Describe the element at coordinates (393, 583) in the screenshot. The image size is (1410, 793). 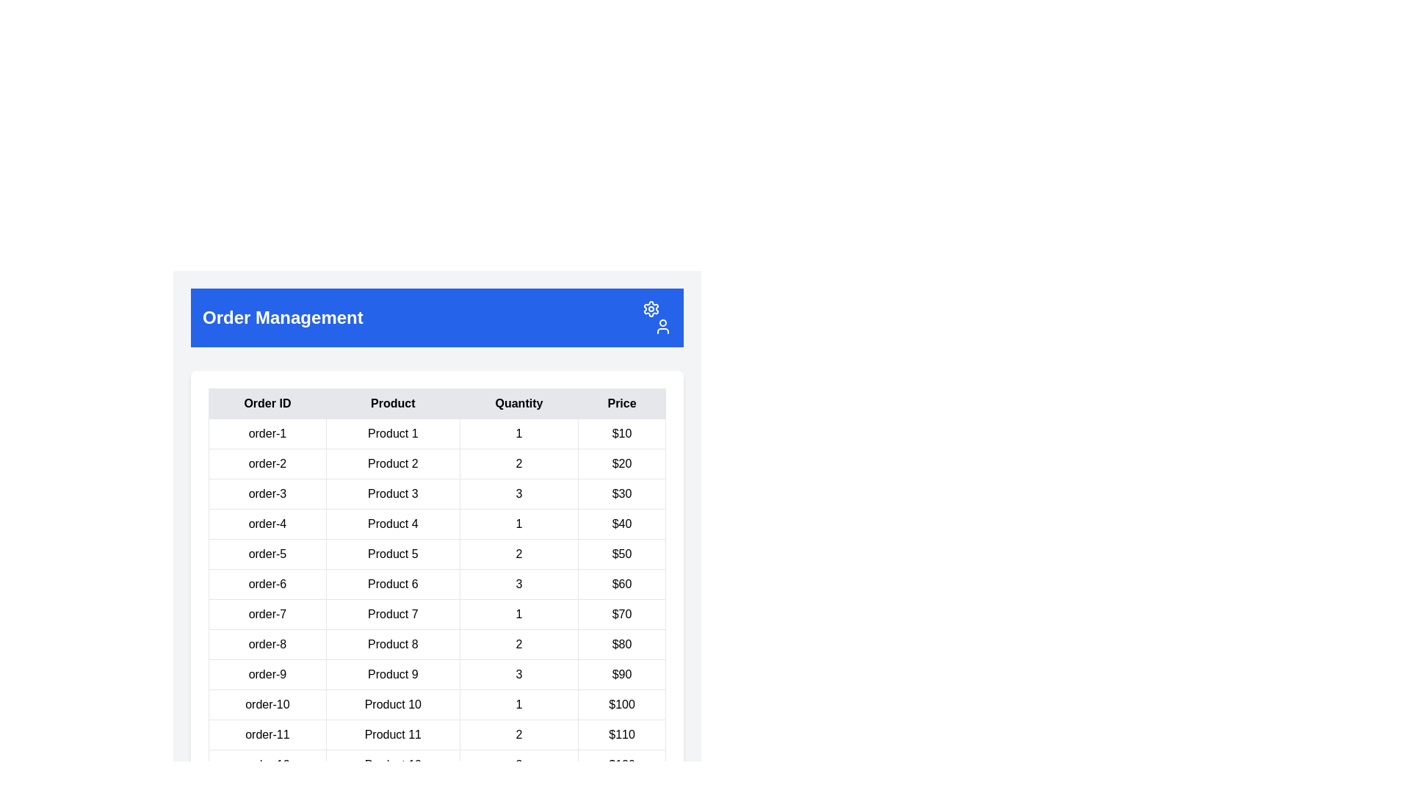
I see `the Table Cell that displays the name of the product associated with order-6, located in the second column of the sixth row in the 'Order Management' table` at that location.